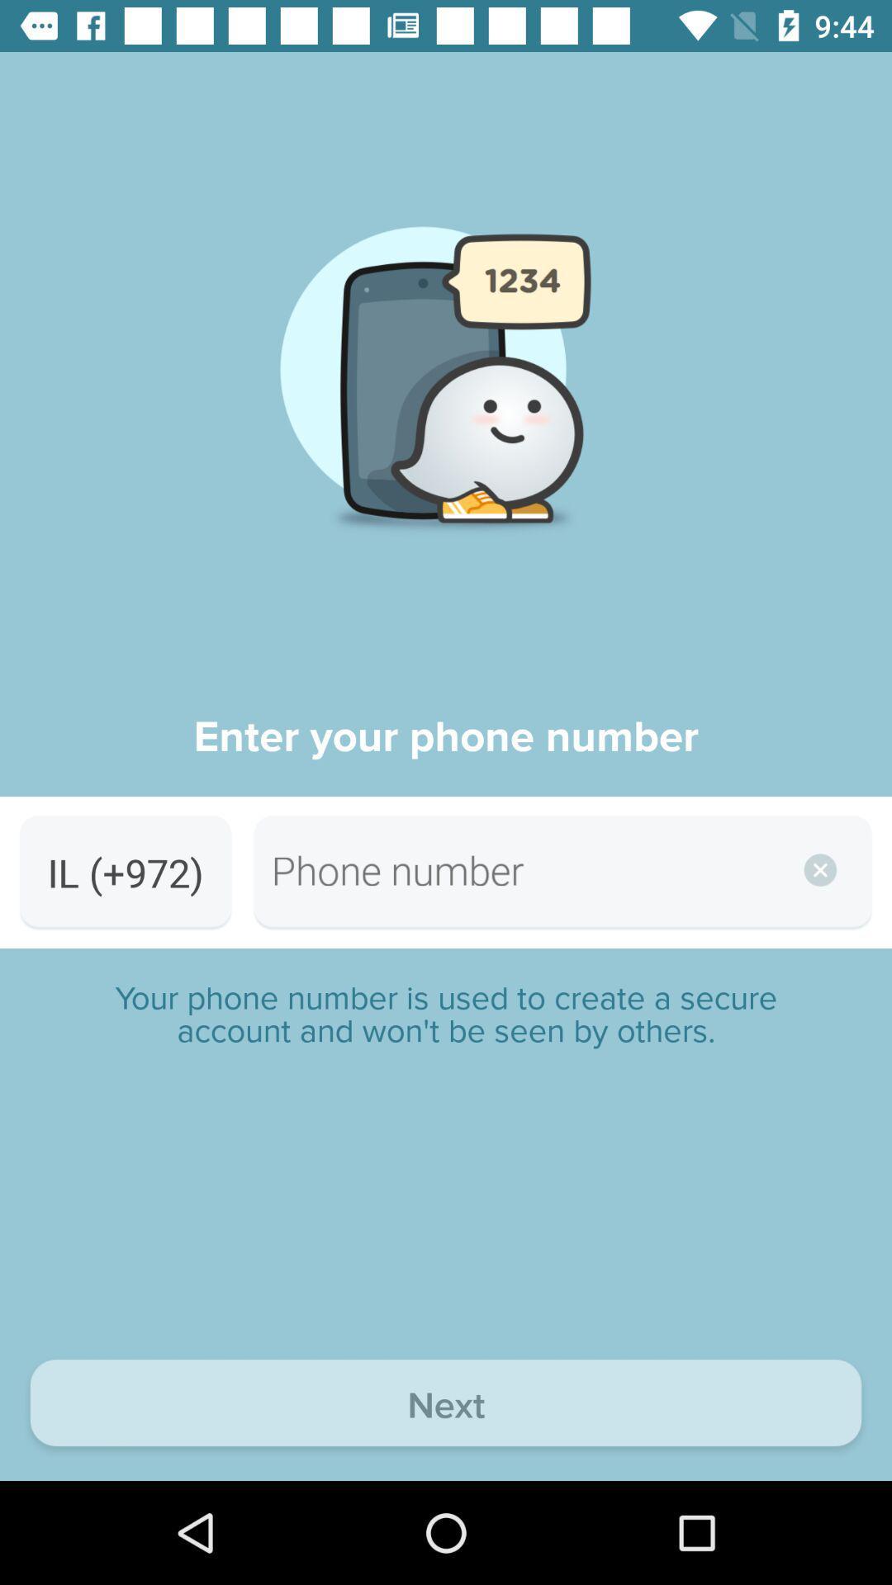 The height and width of the screenshot is (1585, 892). Describe the element at coordinates (446, 1406) in the screenshot. I see `the next item` at that location.